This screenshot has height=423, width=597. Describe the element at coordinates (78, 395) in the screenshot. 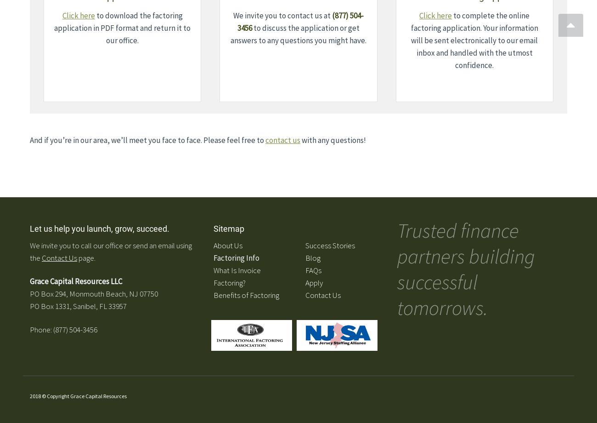

I see `'2018 © Copyright Grace Capital Resources'` at that location.